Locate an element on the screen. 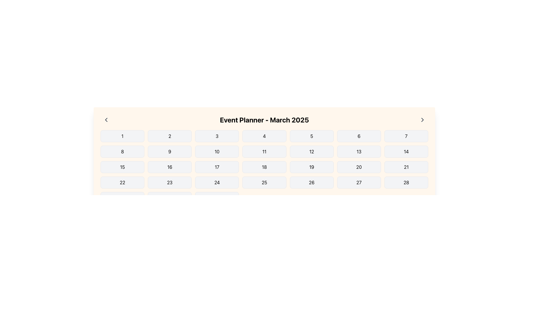 The height and width of the screenshot is (309, 550). the Calendar day button representing the second day in the monthly calendar view is located at coordinates (169, 136).